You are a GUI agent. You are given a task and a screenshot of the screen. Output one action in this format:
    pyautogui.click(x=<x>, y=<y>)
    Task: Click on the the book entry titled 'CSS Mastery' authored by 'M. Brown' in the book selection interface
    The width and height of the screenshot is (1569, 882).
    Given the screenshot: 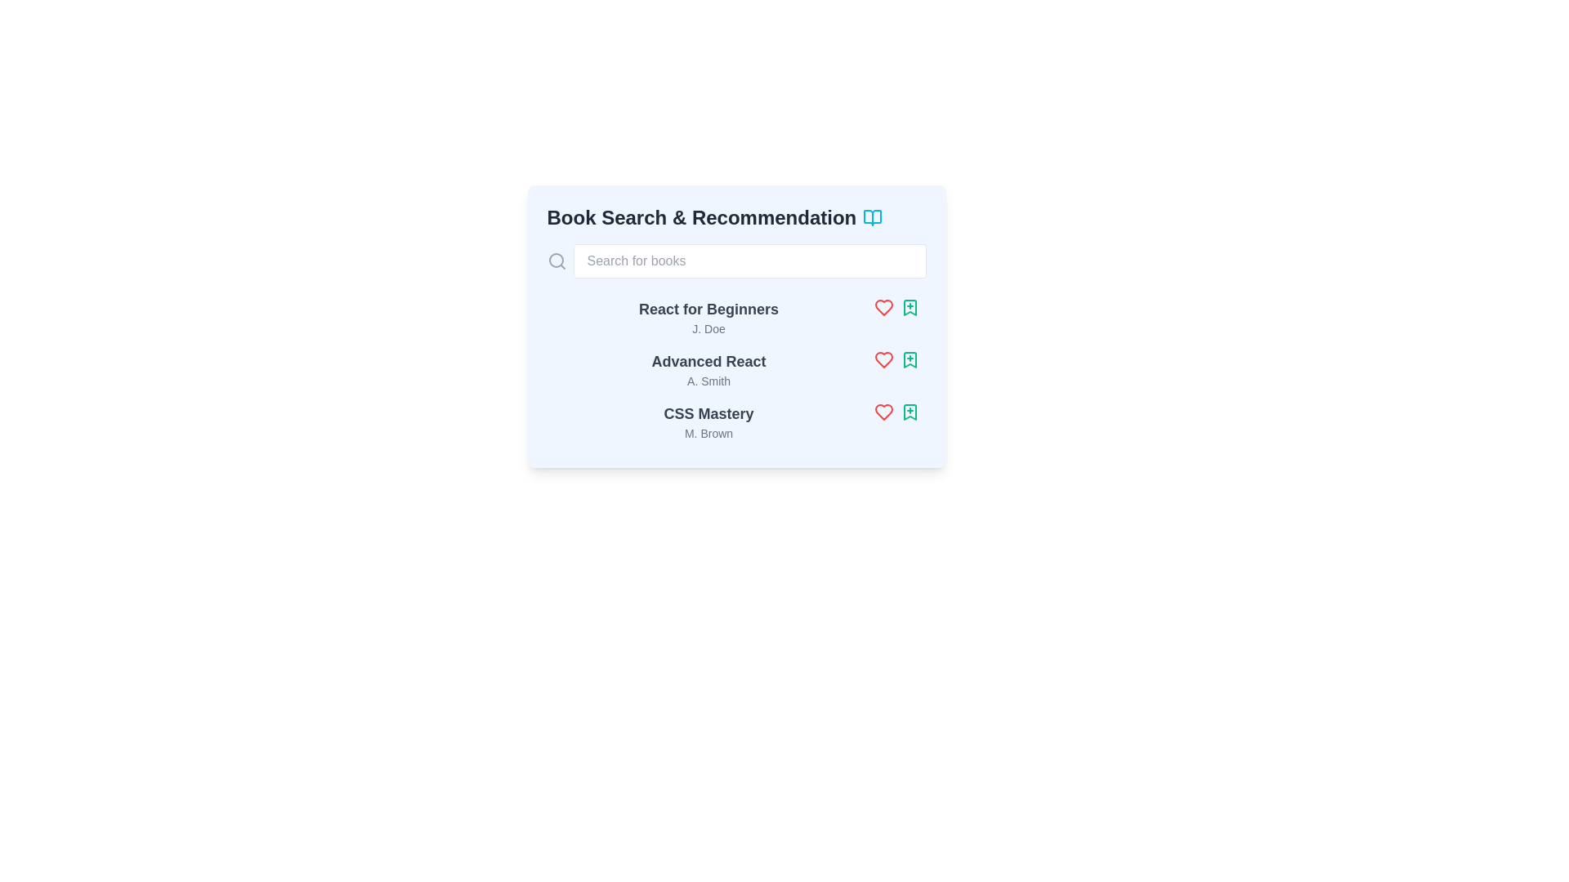 What is the action you would take?
    pyautogui.click(x=735, y=421)
    